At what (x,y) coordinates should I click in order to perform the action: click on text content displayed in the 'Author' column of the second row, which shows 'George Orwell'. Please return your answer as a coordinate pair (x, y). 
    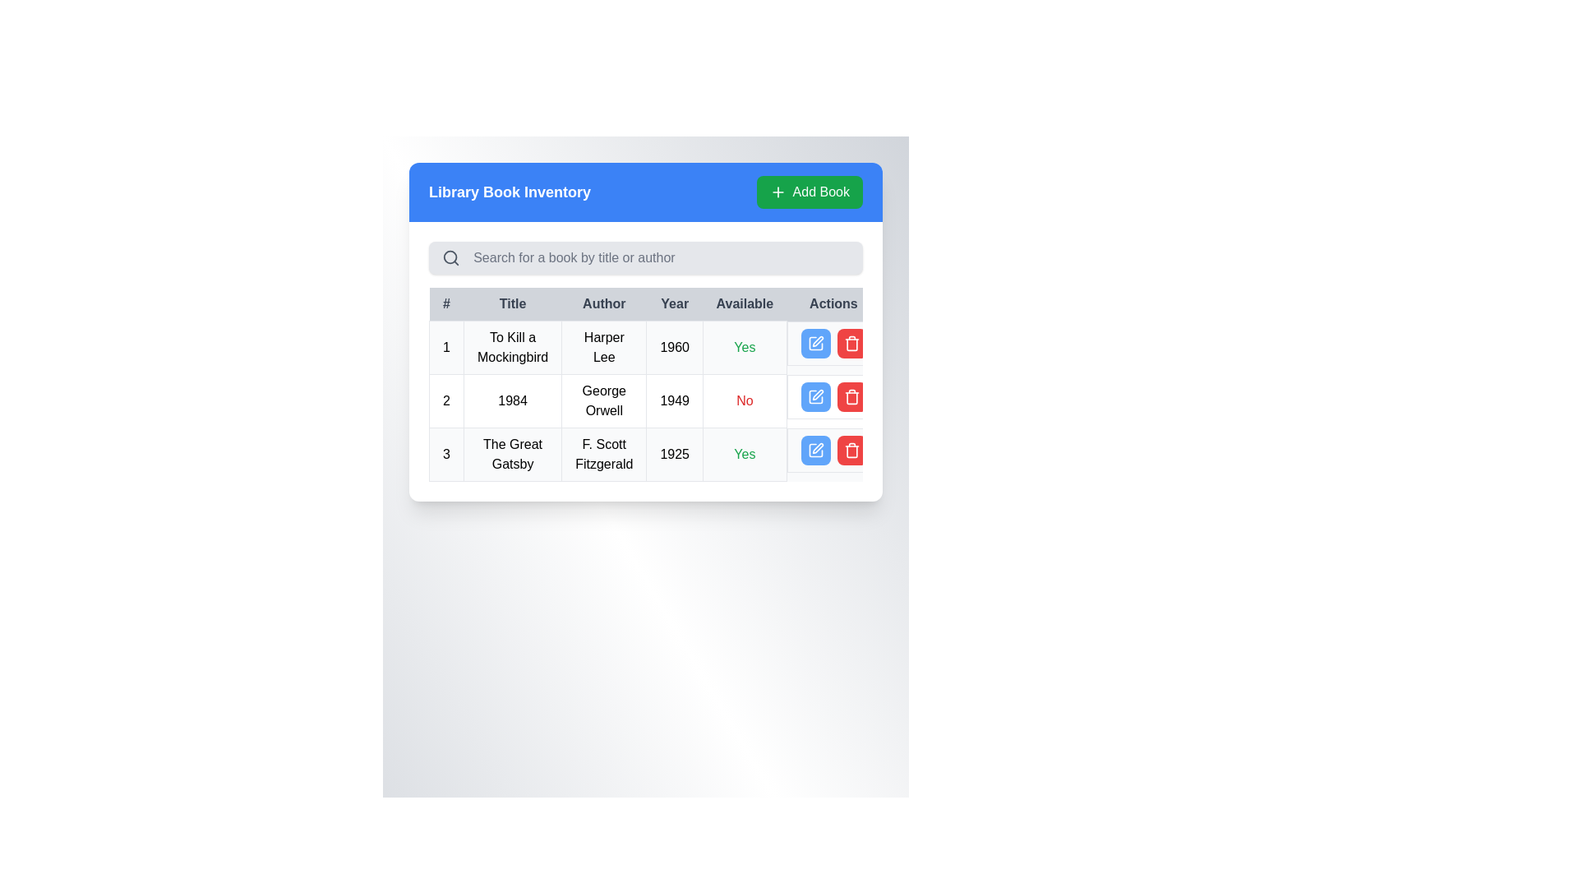
    Looking at the image, I should click on (603, 401).